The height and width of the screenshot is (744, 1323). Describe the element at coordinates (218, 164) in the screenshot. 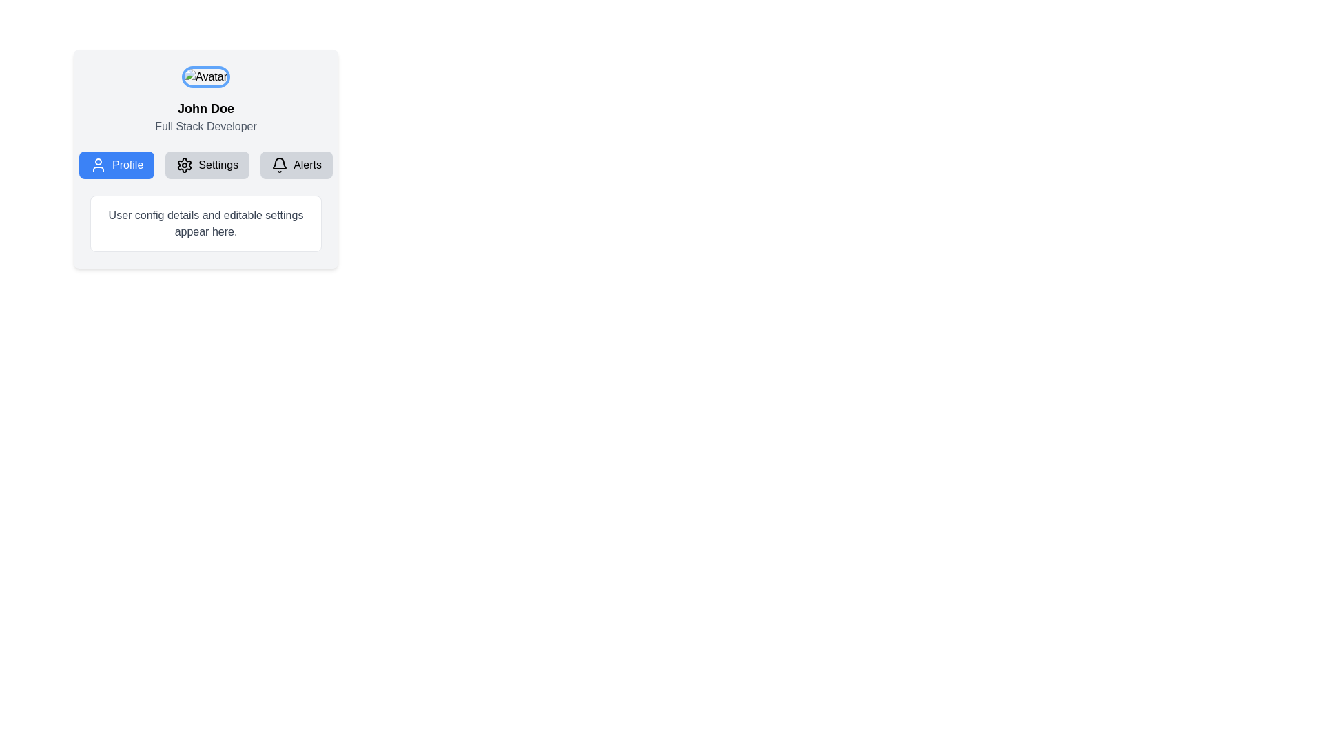

I see `the 'Settings' button, which is a text label within a navigation button located centrally among a group of buttons` at that location.